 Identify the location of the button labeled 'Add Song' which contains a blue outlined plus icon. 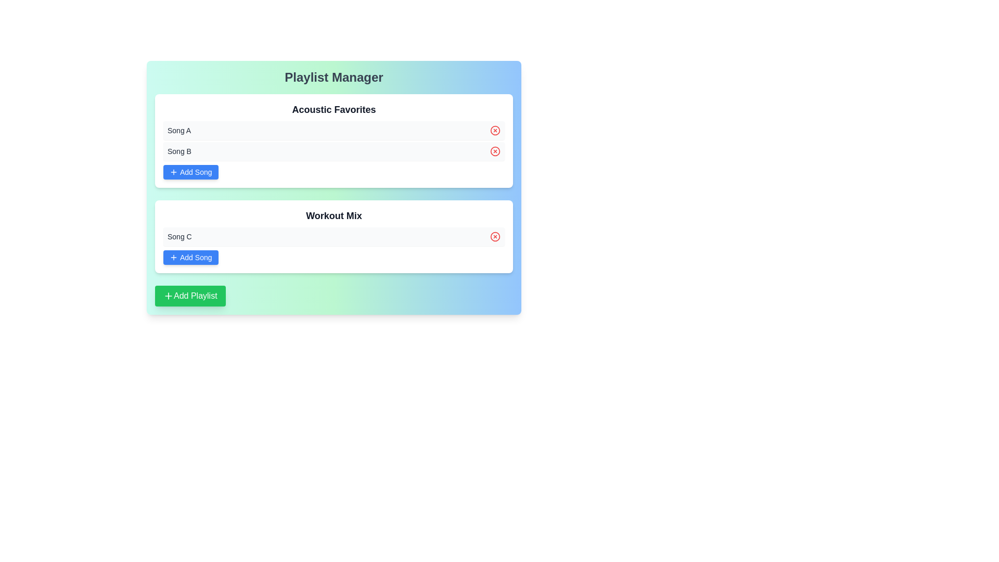
(174, 257).